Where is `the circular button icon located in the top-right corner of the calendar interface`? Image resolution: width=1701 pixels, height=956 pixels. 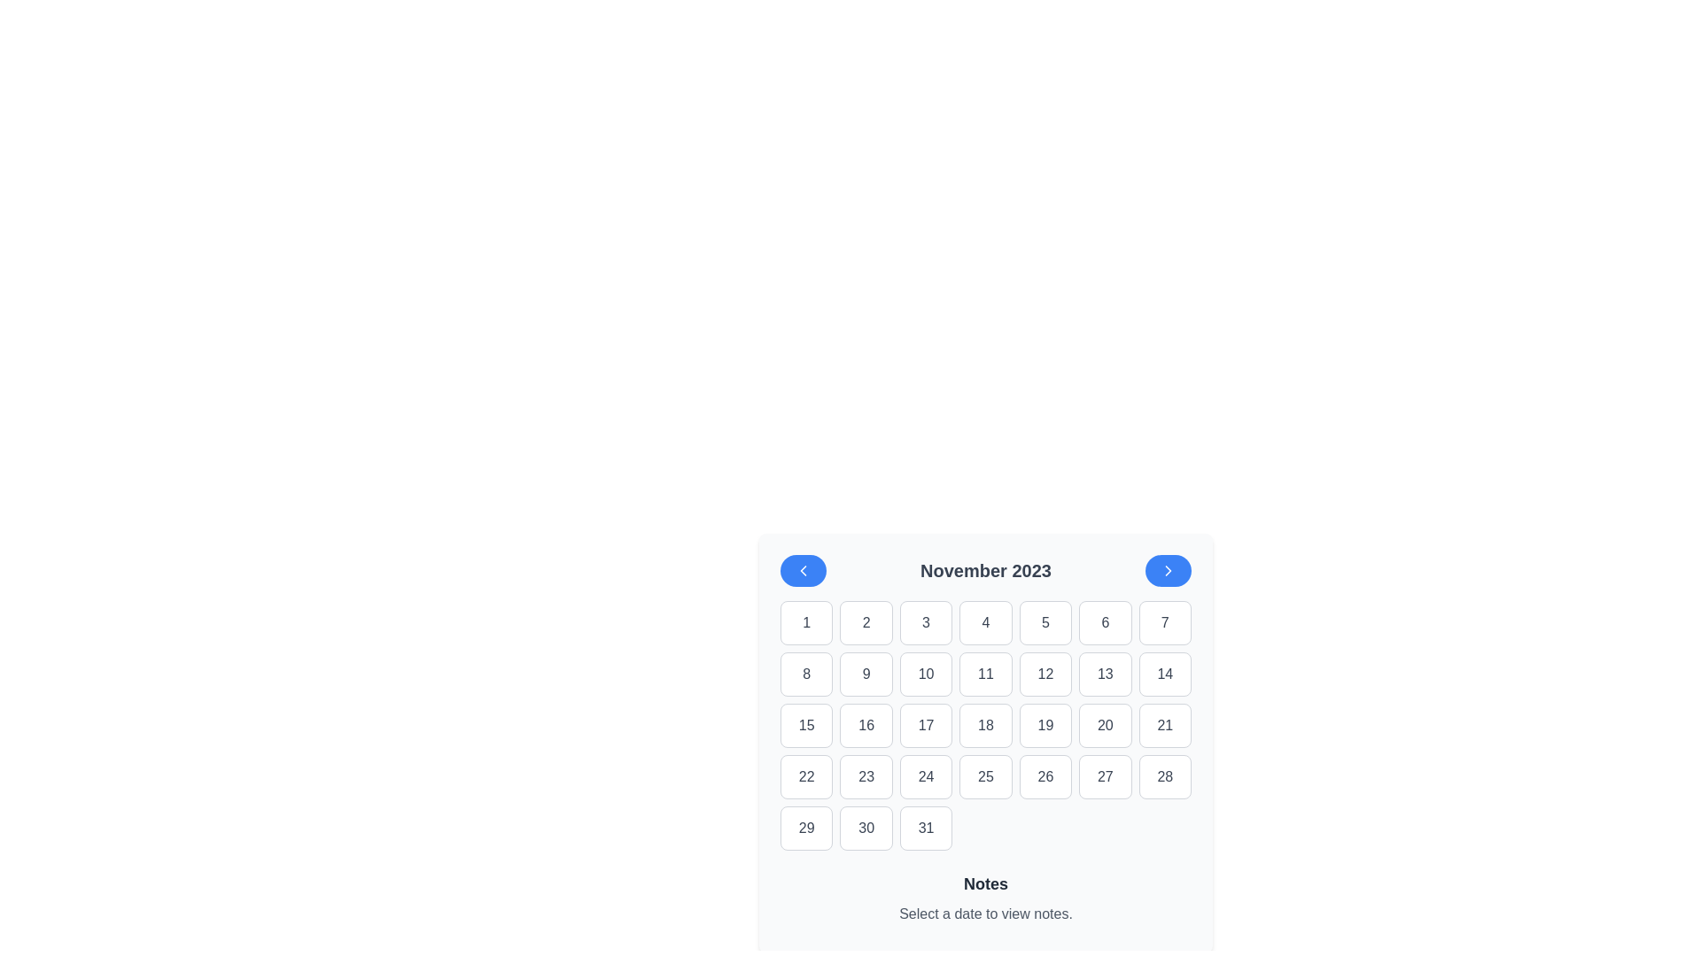 the circular button icon located in the top-right corner of the calendar interface is located at coordinates (1169, 570).